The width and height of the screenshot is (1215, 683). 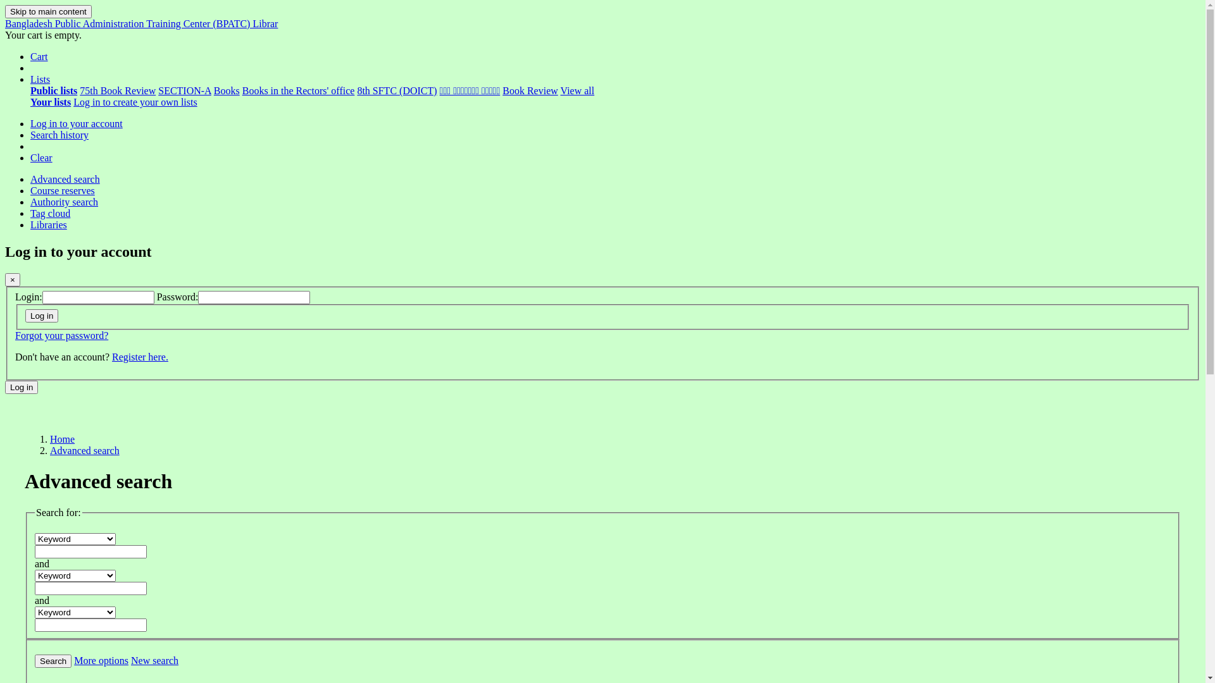 I want to click on 'More options', so click(x=100, y=660).